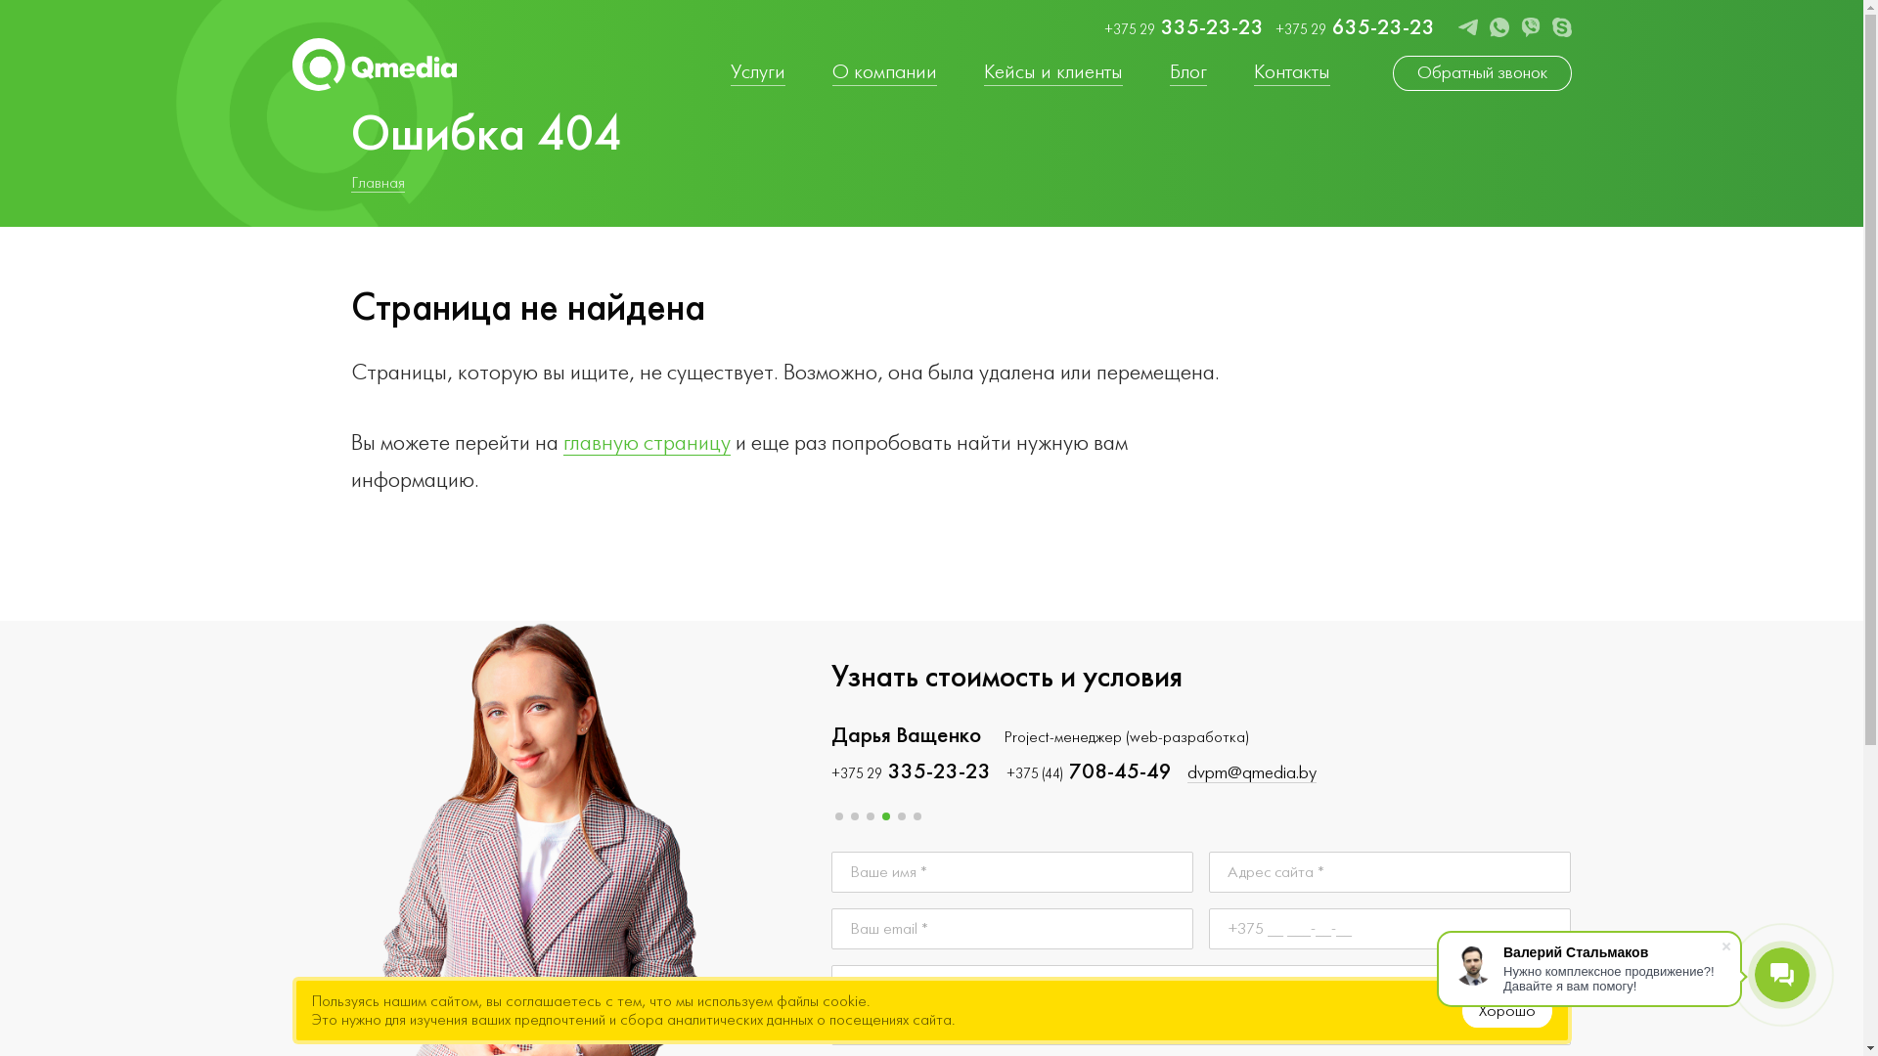 The width and height of the screenshot is (1878, 1056). What do you see at coordinates (910, 771) in the screenshot?
I see `'+375 29 335-23-23'` at bounding box center [910, 771].